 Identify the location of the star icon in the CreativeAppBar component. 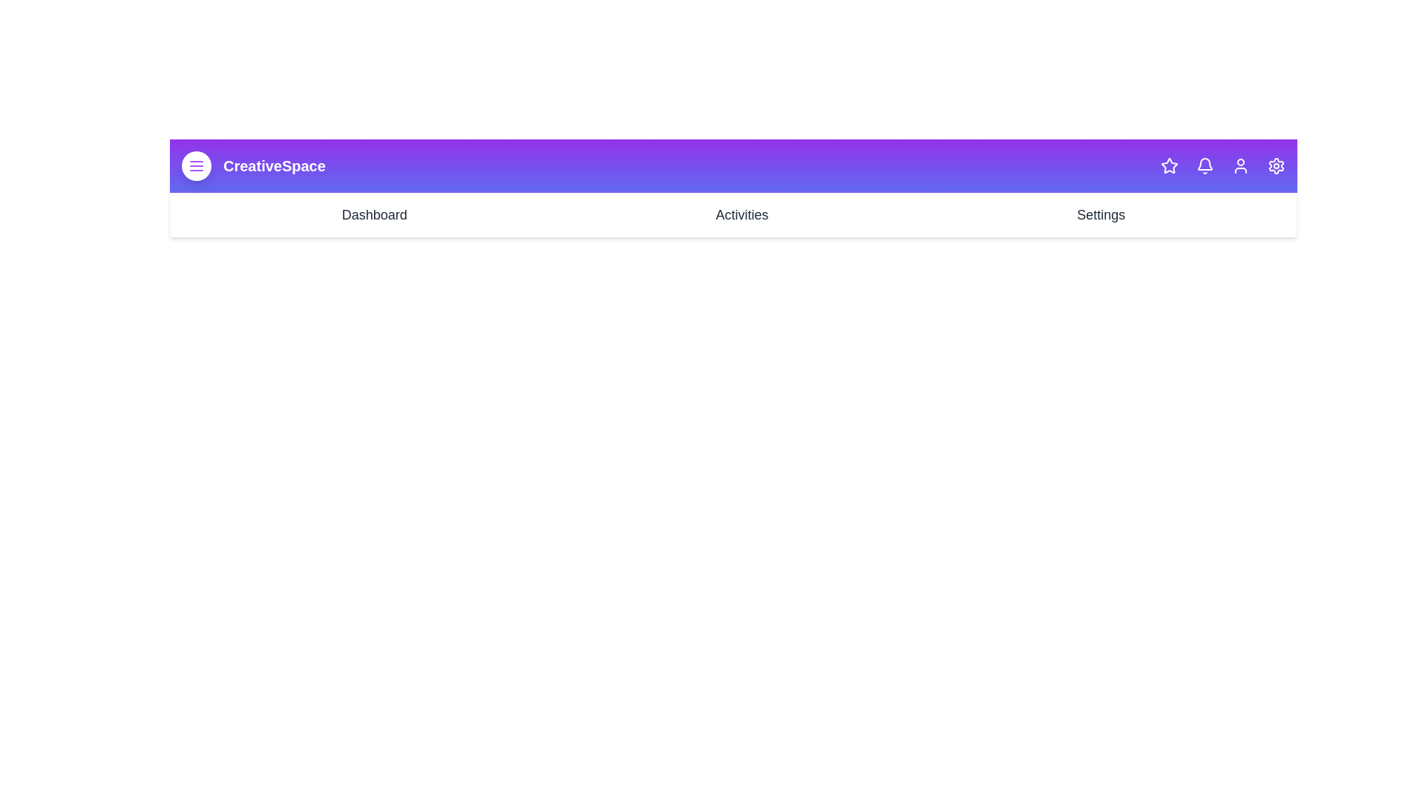
(1168, 165).